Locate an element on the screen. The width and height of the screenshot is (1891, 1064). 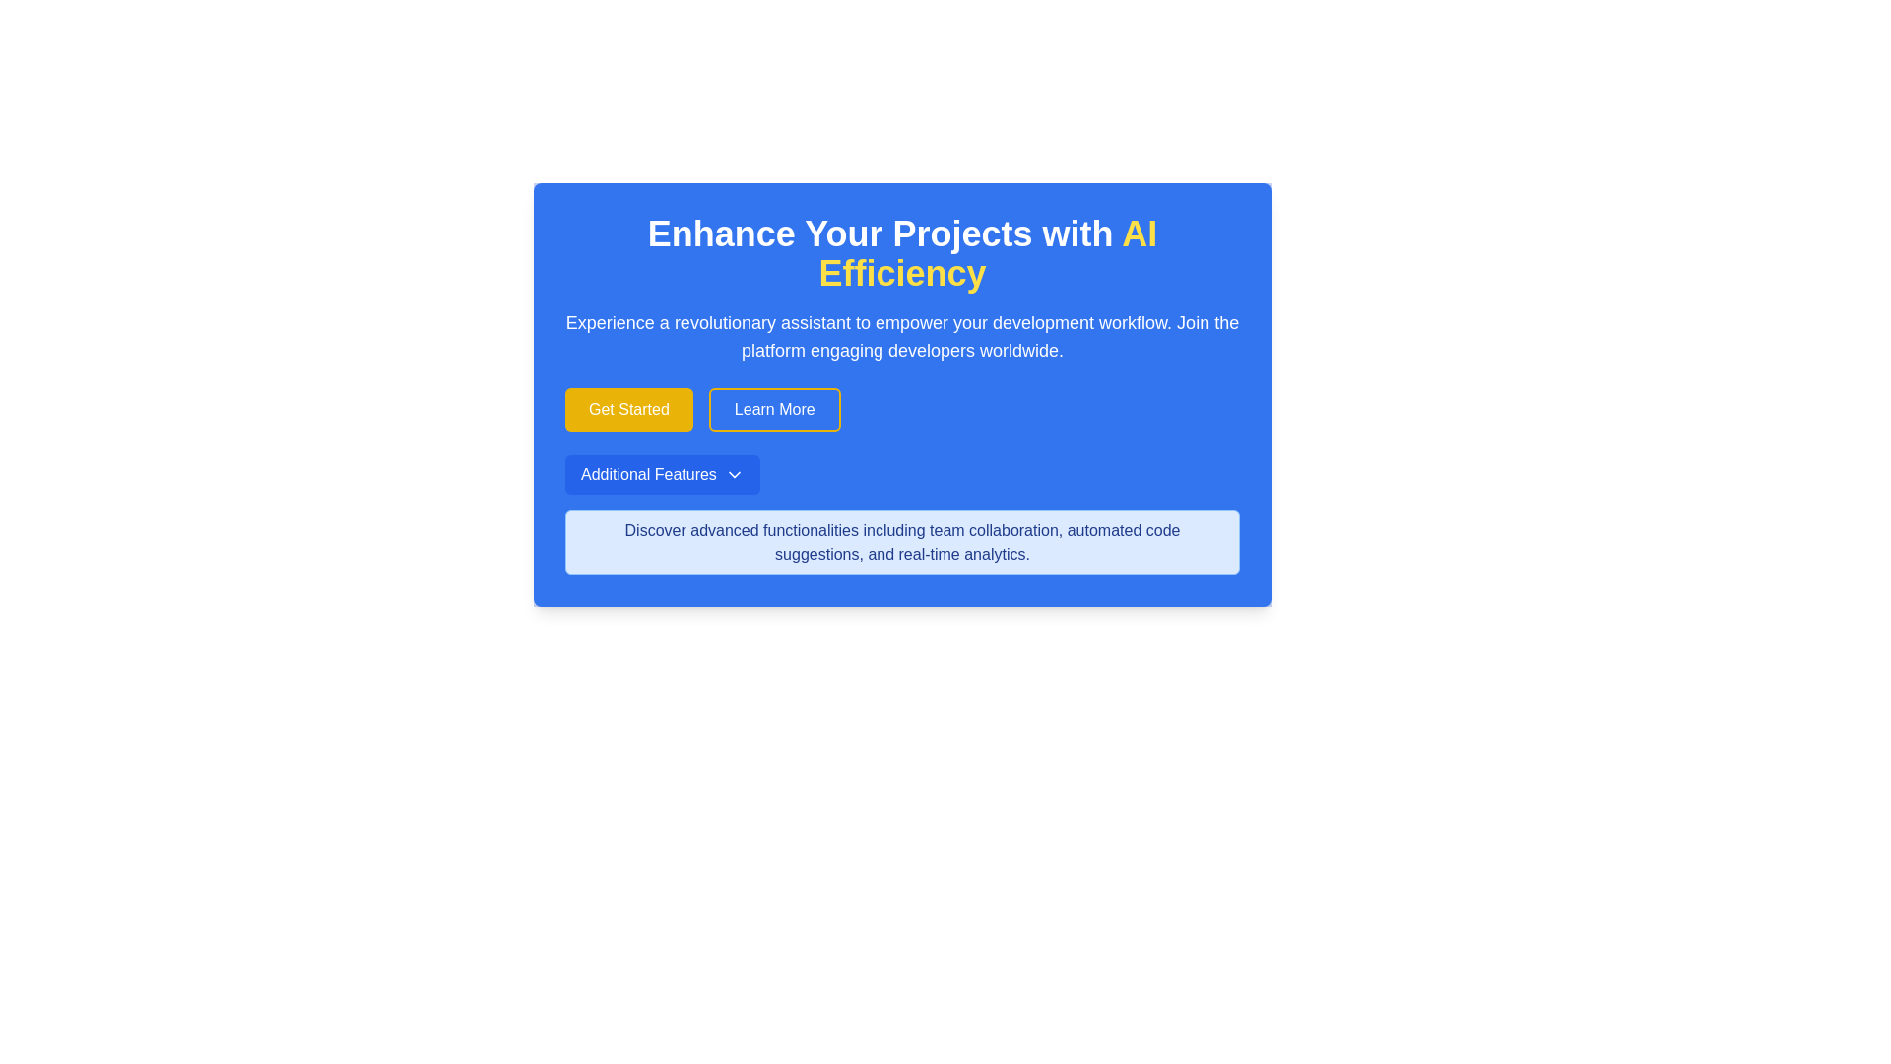
the 'Learn More' button, which has a transparent background and changes to a yellow background with blue text on hover, located to the right of the 'Get Started' button is located at coordinates (773, 409).